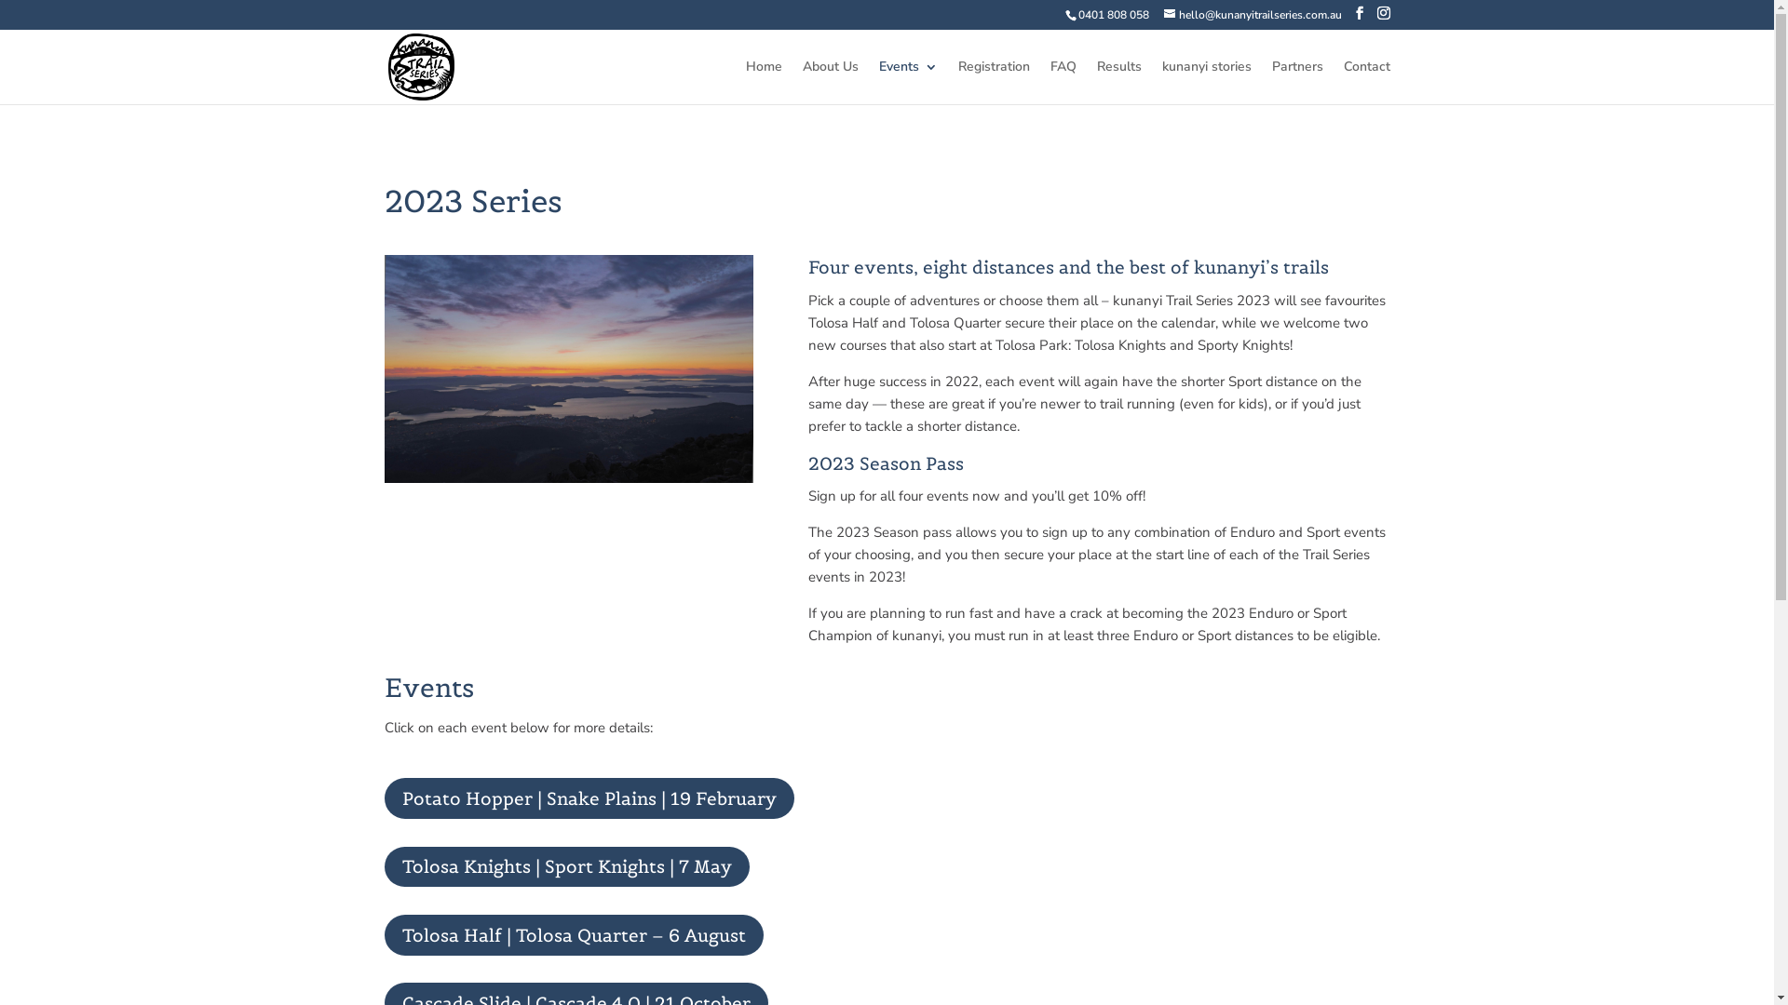 This screenshot has height=1005, width=1788. What do you see at coordinates (1253, 14) in the screenshot?
I see `'hello@kunanyitrailseries.com.au'` at bounding box center [1253, 14].